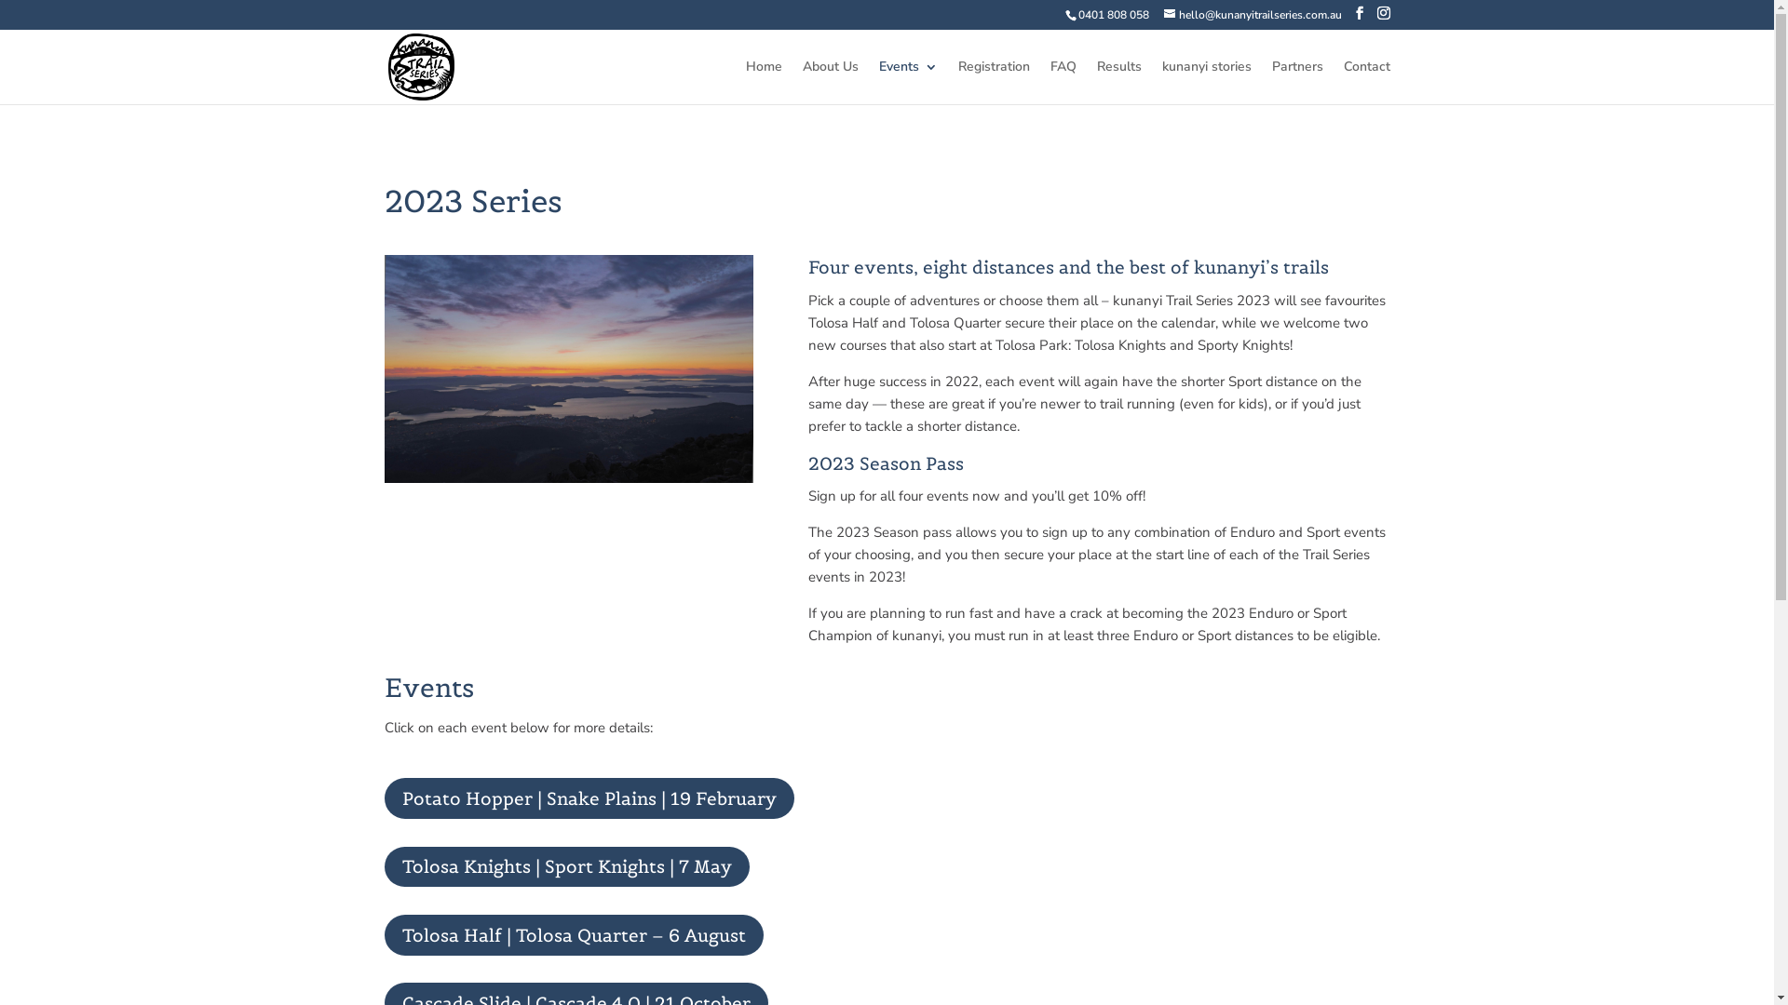 This screenshot has height=1005, width=1788. What do you see at coordinates (1253, 14) in the screenshot?
I see `'hello@kunanyitrailseries.com.au'` at bounding box center [1253, 14].